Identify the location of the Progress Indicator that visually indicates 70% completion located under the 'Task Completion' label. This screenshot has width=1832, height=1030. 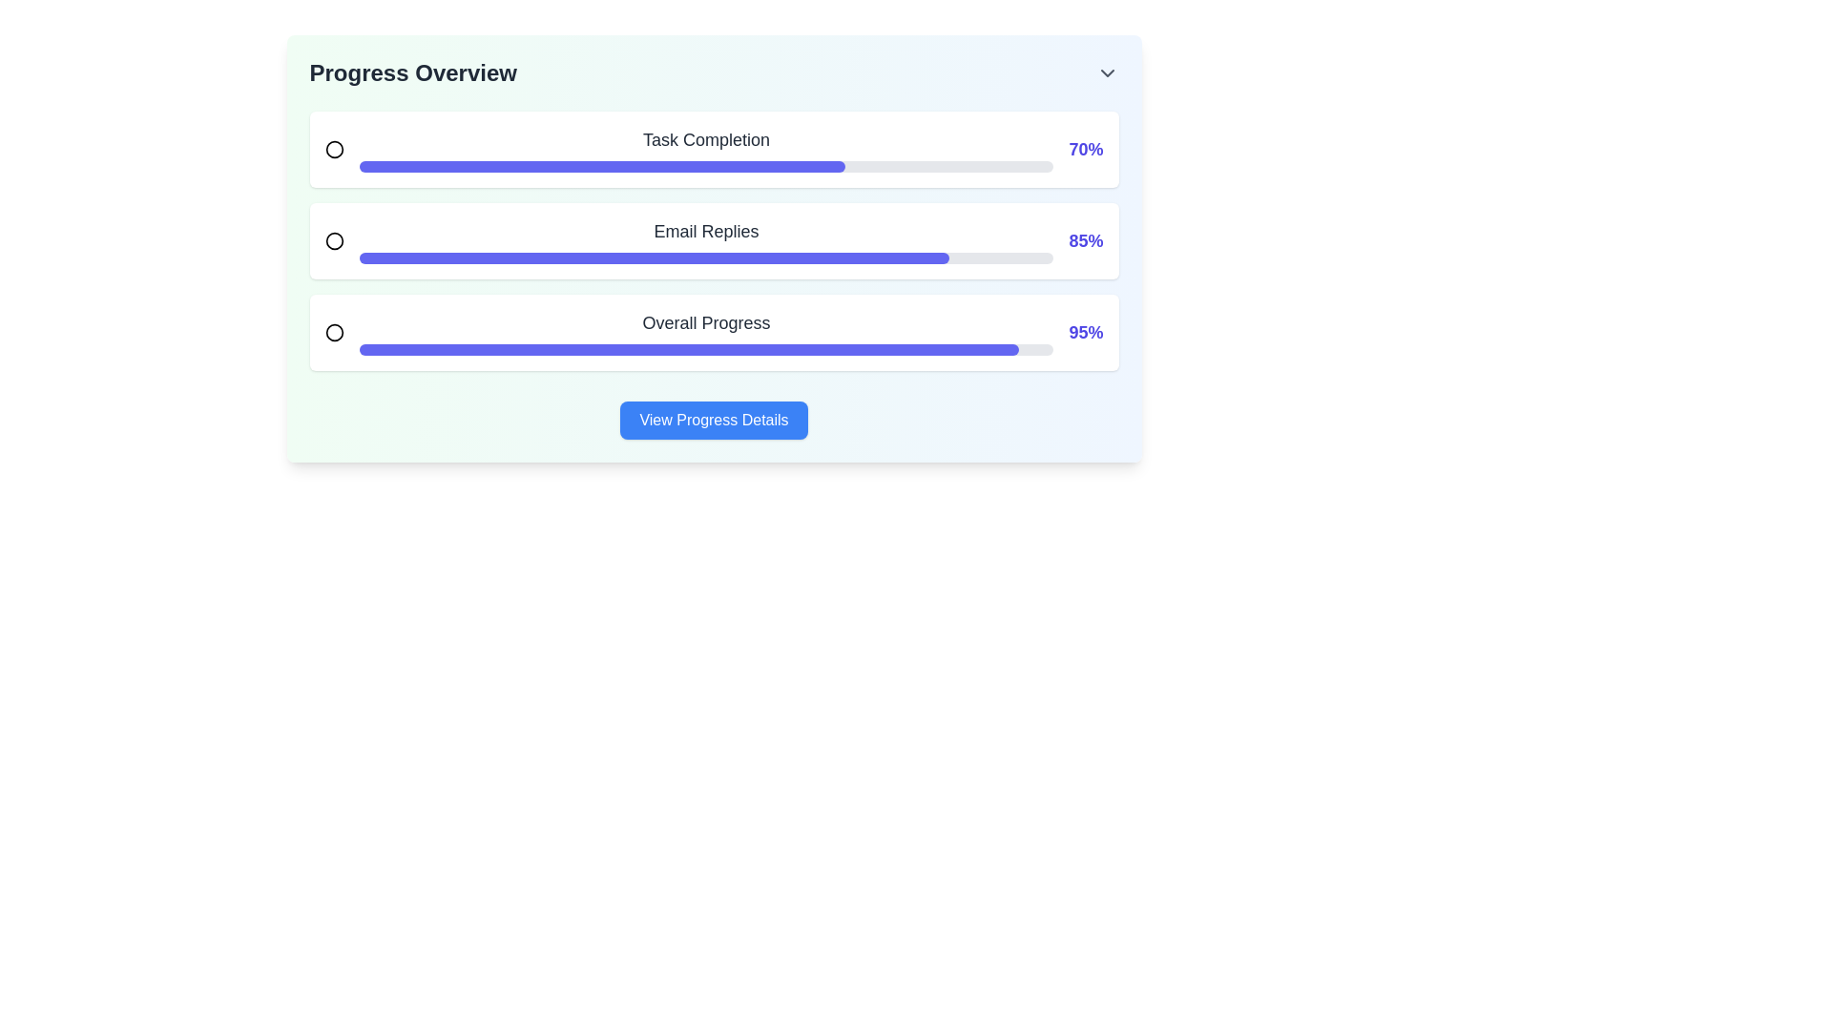
(601, 165).